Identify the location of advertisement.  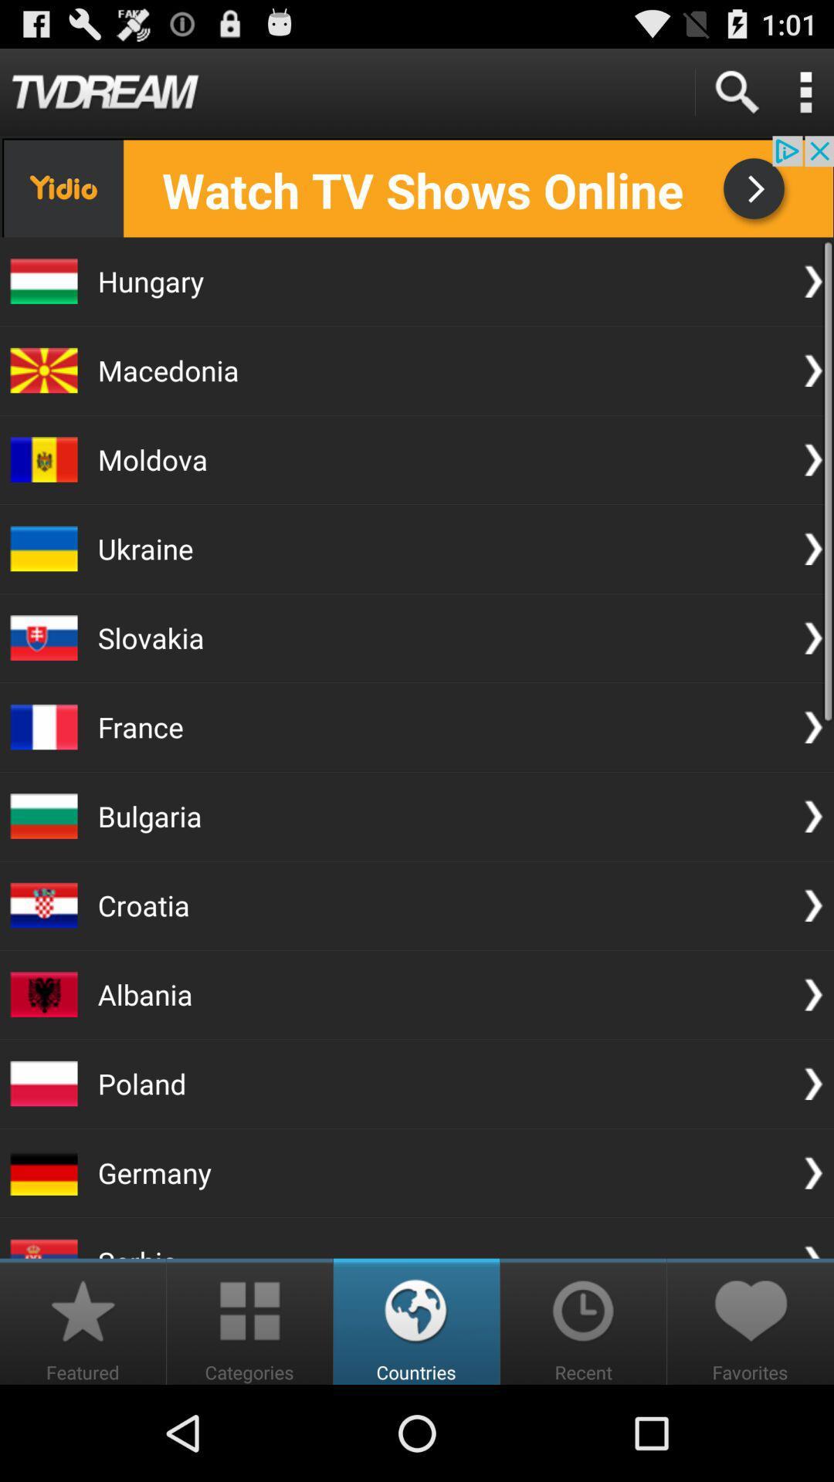
(417, 185).